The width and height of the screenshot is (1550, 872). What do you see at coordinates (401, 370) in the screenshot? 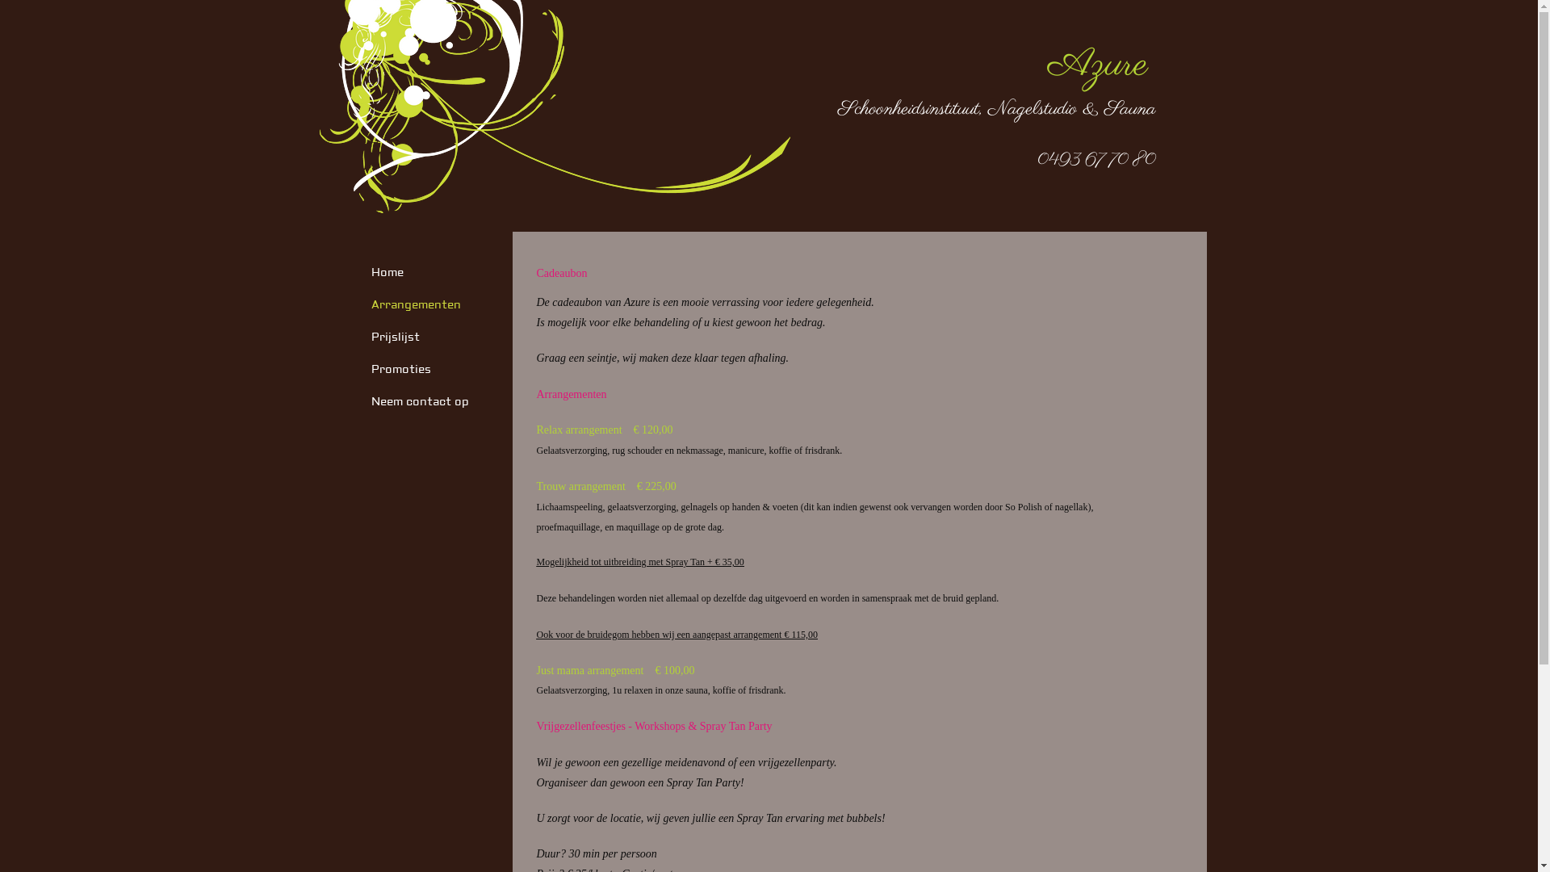
I see `'Promoties'` at bounding box center [401, 370].